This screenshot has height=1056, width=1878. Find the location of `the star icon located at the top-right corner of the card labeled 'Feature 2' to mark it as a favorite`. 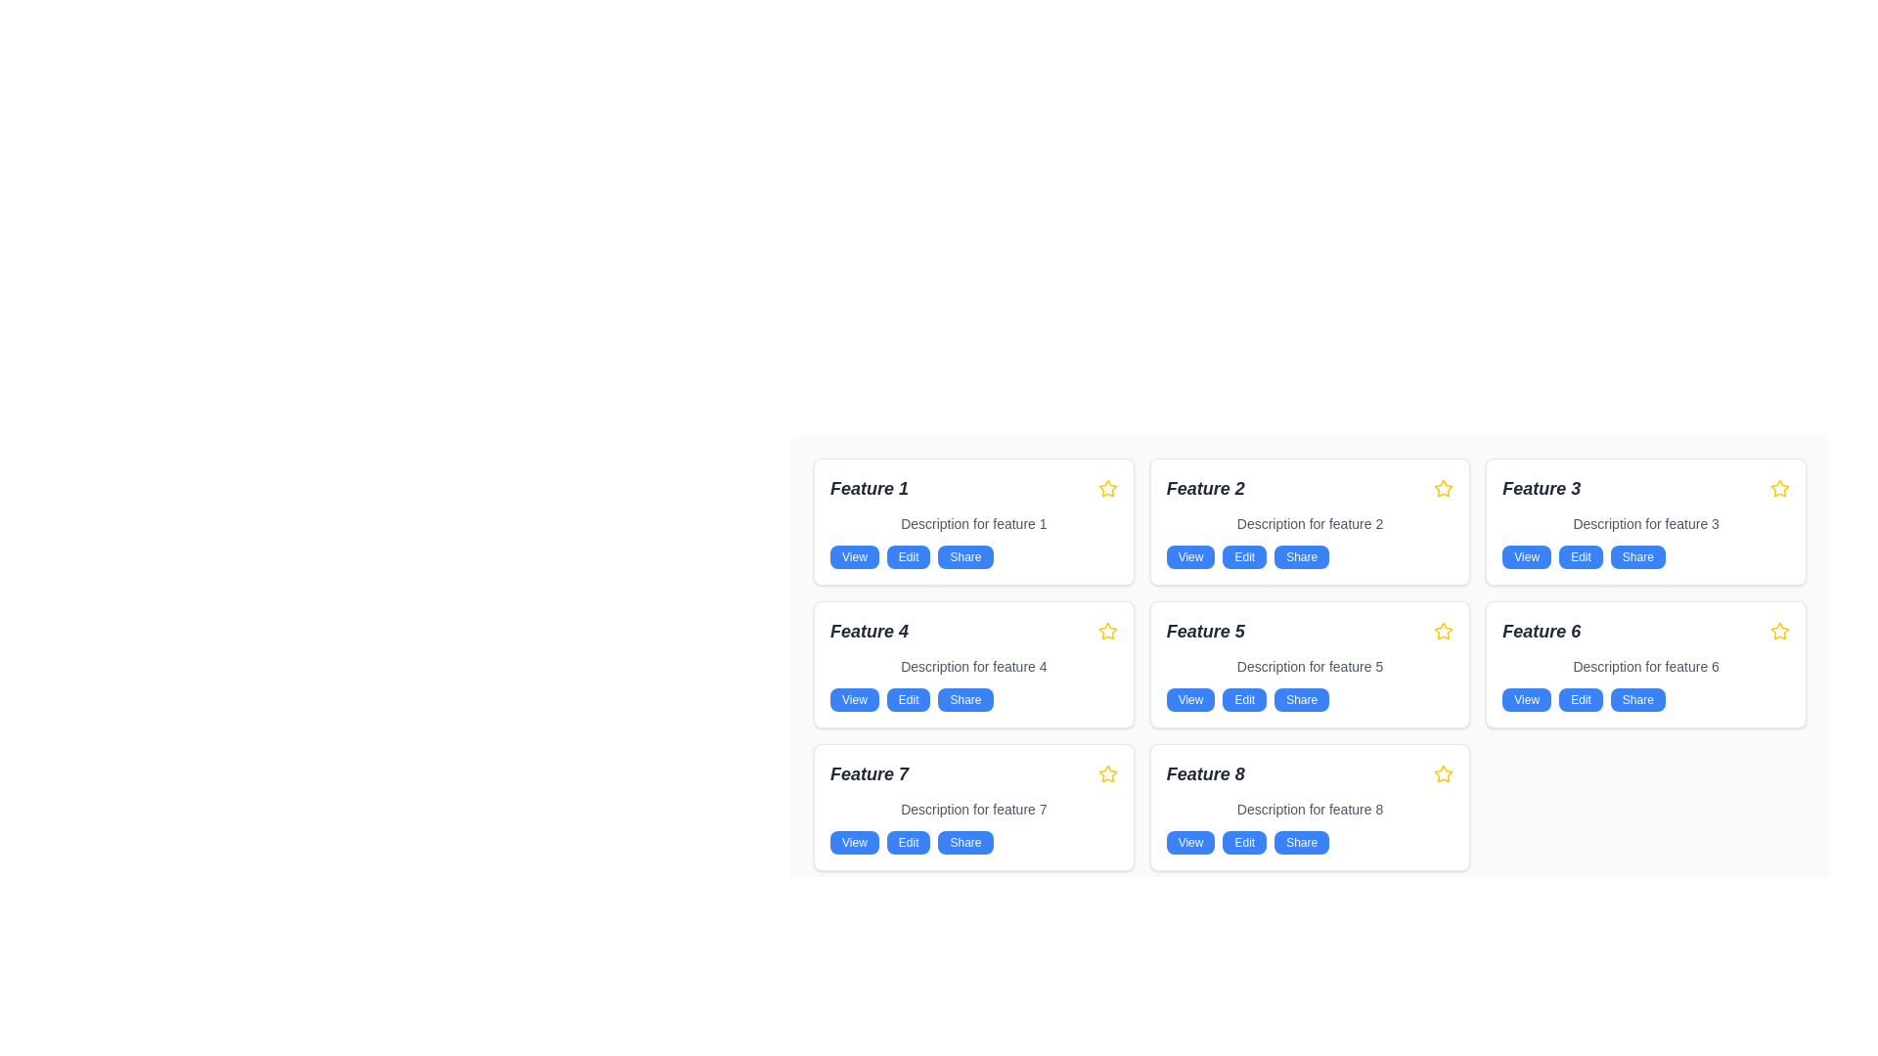

the star icon located at the top-right corner of the card labeled 'Feature 2' to mark it as a favorite is located at coordinates (1444, 487).